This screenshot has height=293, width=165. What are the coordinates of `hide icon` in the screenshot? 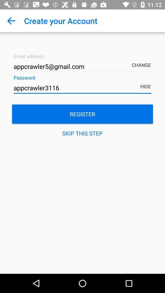 It's located at (146, 82).